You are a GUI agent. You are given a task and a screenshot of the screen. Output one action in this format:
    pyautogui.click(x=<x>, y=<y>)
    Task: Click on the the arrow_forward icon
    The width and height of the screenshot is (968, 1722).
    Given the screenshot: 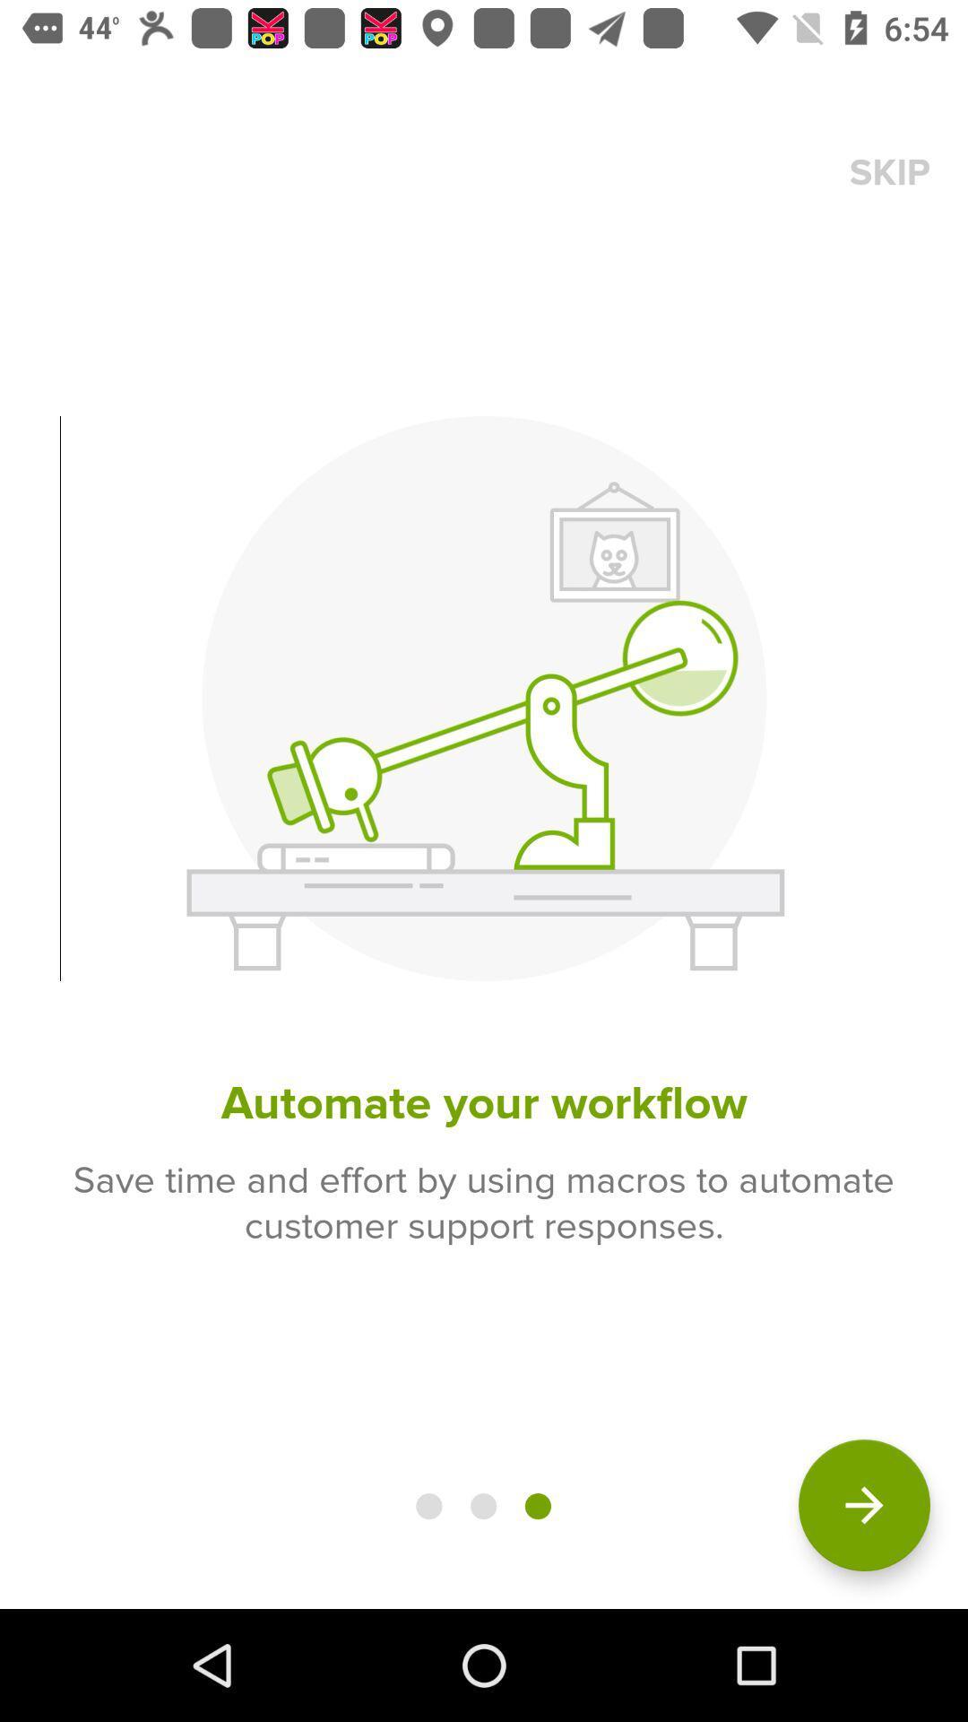 What is the action you would take?
    pyautogui.click(x=863, y=1505)
    